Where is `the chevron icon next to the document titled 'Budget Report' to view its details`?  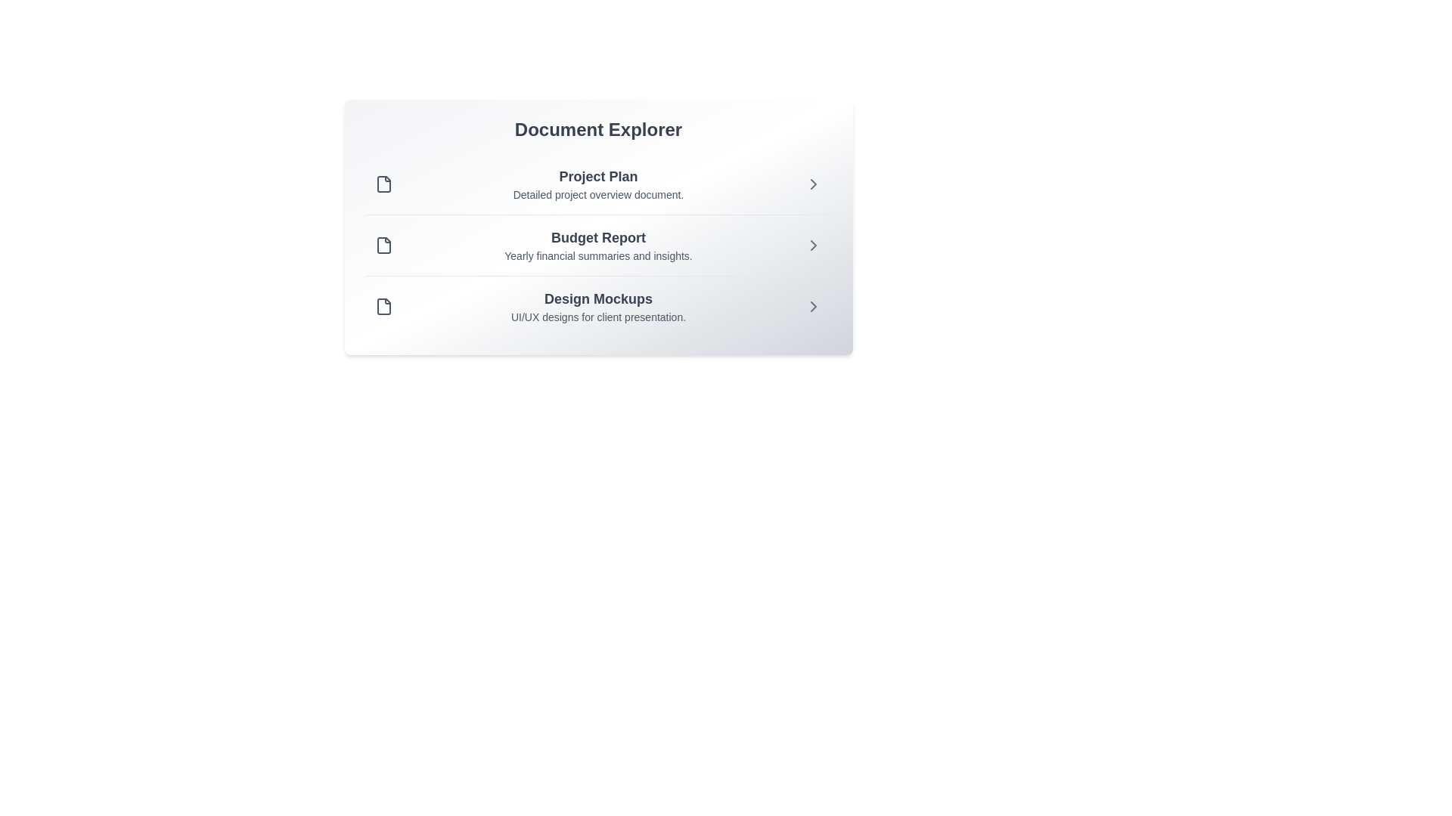 the chevron icon next to the document titled 'Budget Report' to view its details is located at coordinates (812, 244).